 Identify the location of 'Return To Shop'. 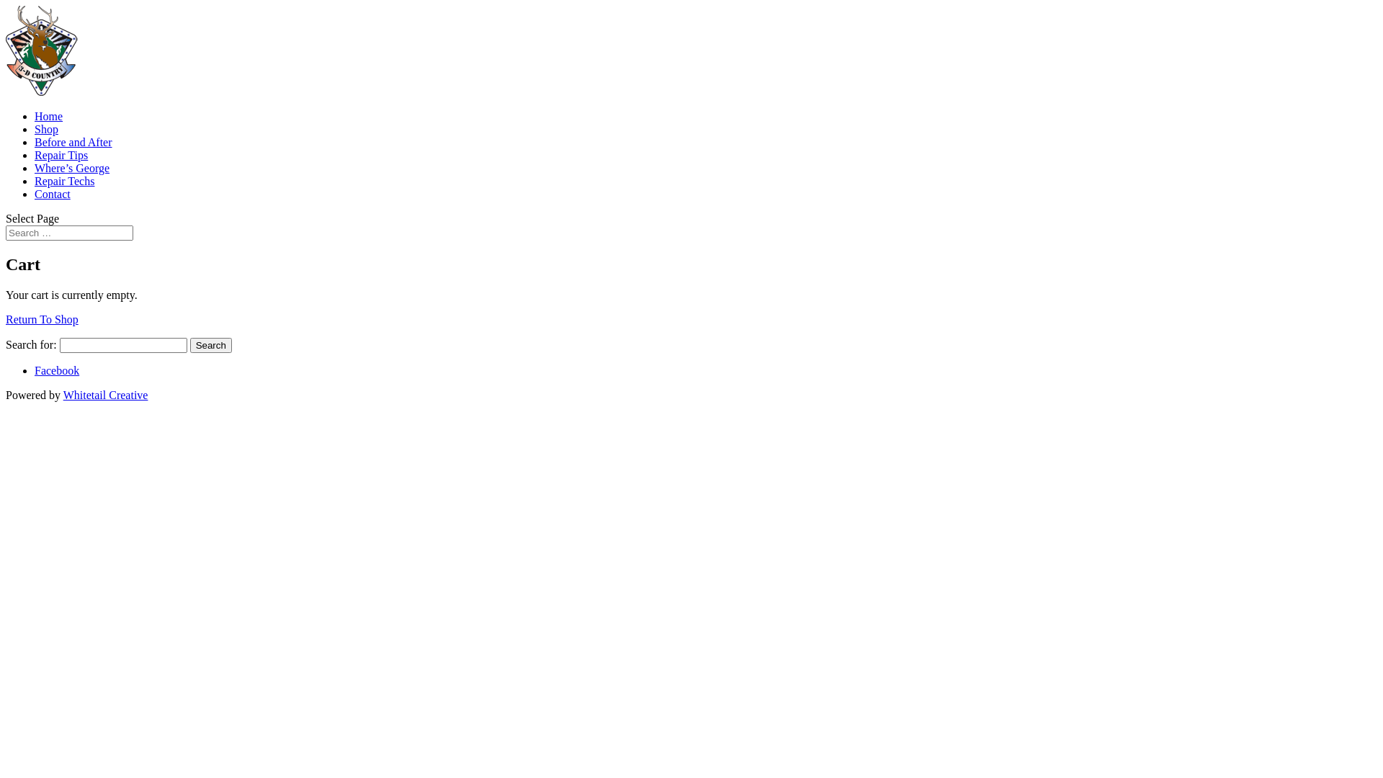
(6, 318).